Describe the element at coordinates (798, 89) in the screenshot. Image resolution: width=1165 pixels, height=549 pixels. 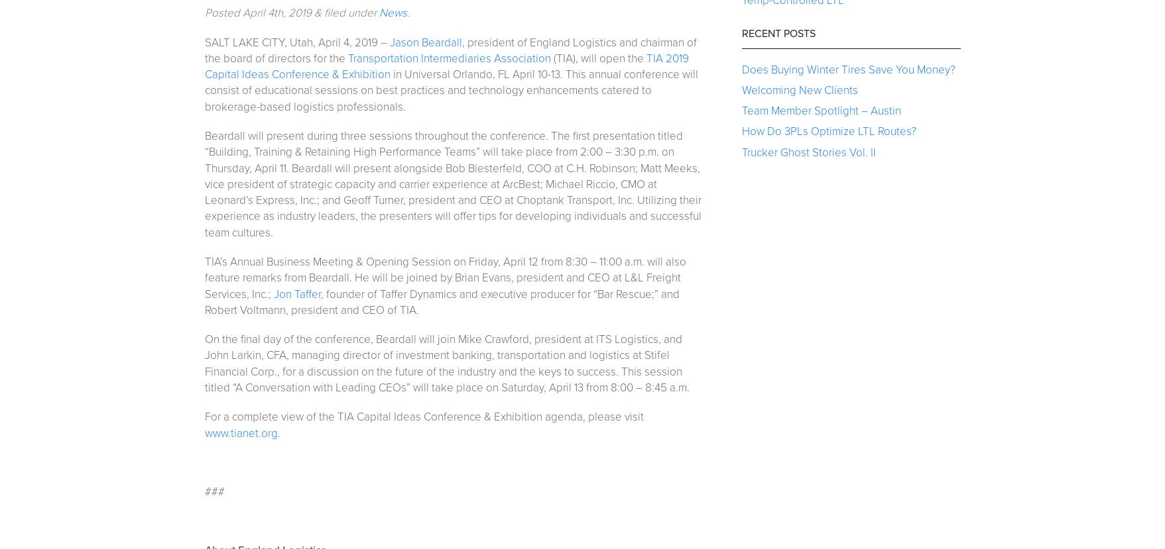
I see `'Welcoming New Clients'` at that location.